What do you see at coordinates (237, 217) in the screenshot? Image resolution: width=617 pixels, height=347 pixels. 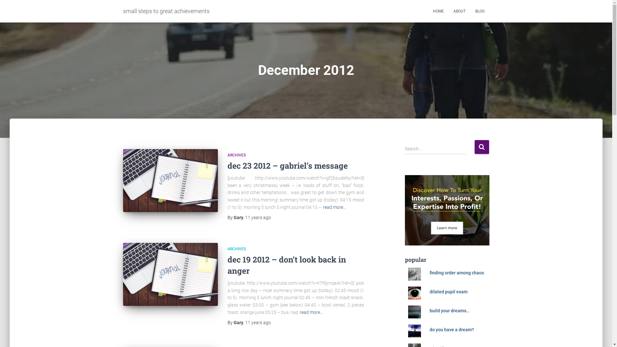 I see `'Gary'` at bounding box center [237, 217].